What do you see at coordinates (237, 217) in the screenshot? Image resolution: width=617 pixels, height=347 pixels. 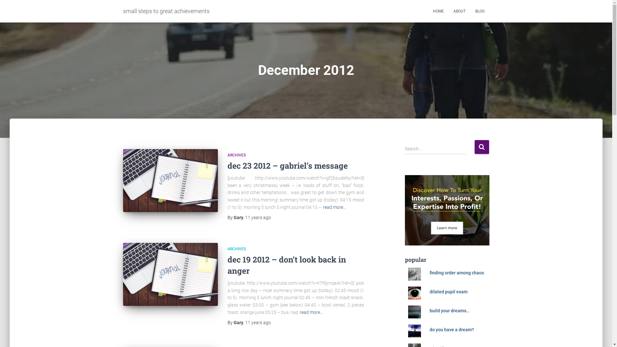 I see `'Gary'` at bounding box center [237, 217].